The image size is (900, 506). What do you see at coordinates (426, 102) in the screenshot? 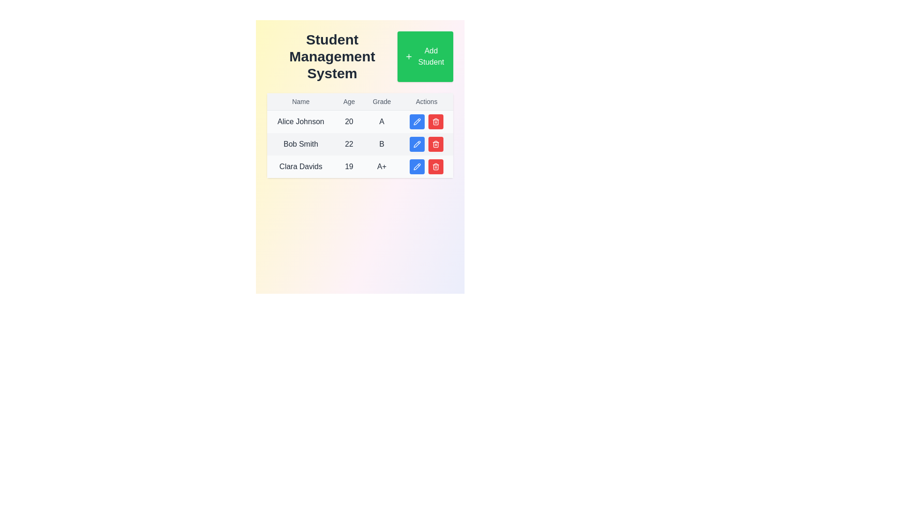
I see `the header label for the 'Actions' column in the table, which is positioned as the fourth column following the 'Grade' column` at bounding box center [426, 102].